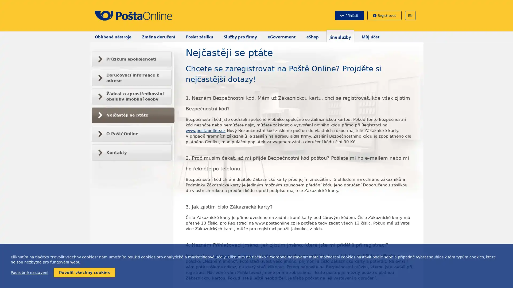 This screenshot has width=513, height=288. What do you see at coordinates (84, 273) in the screenshot?
I see `Povolit vsechny cookies` at bounding box center [84, 273].